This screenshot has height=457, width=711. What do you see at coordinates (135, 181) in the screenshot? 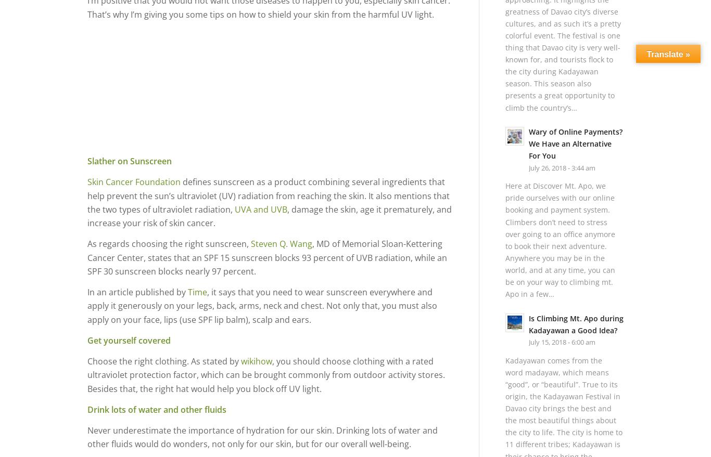
I see `'Skin Cancer Foundation'` at bounding box center [135, 181].